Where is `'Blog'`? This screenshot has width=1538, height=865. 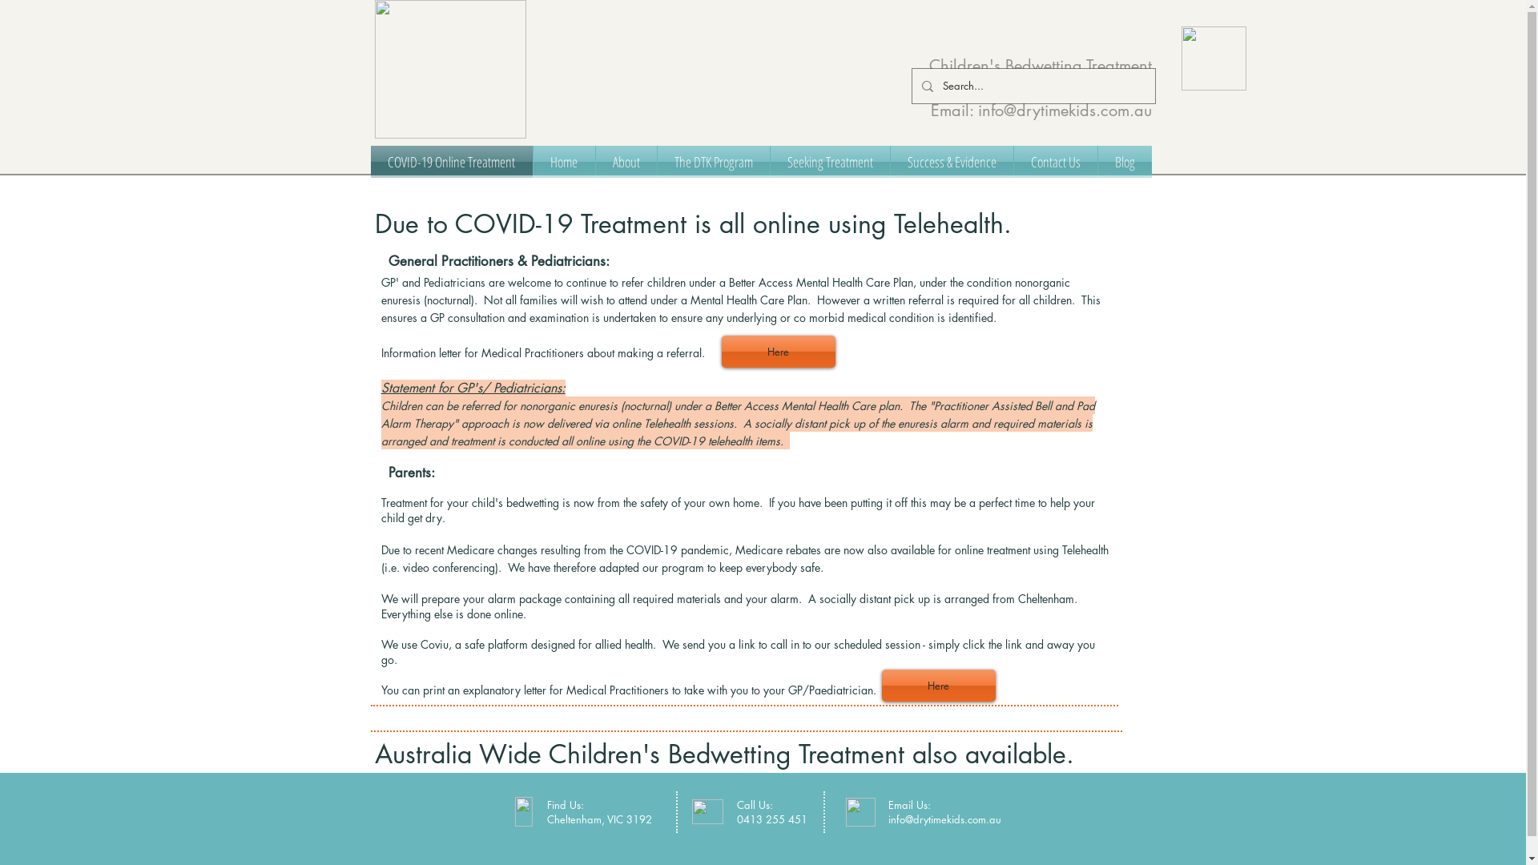
'Blog' is located at coordinates (1123, 161).